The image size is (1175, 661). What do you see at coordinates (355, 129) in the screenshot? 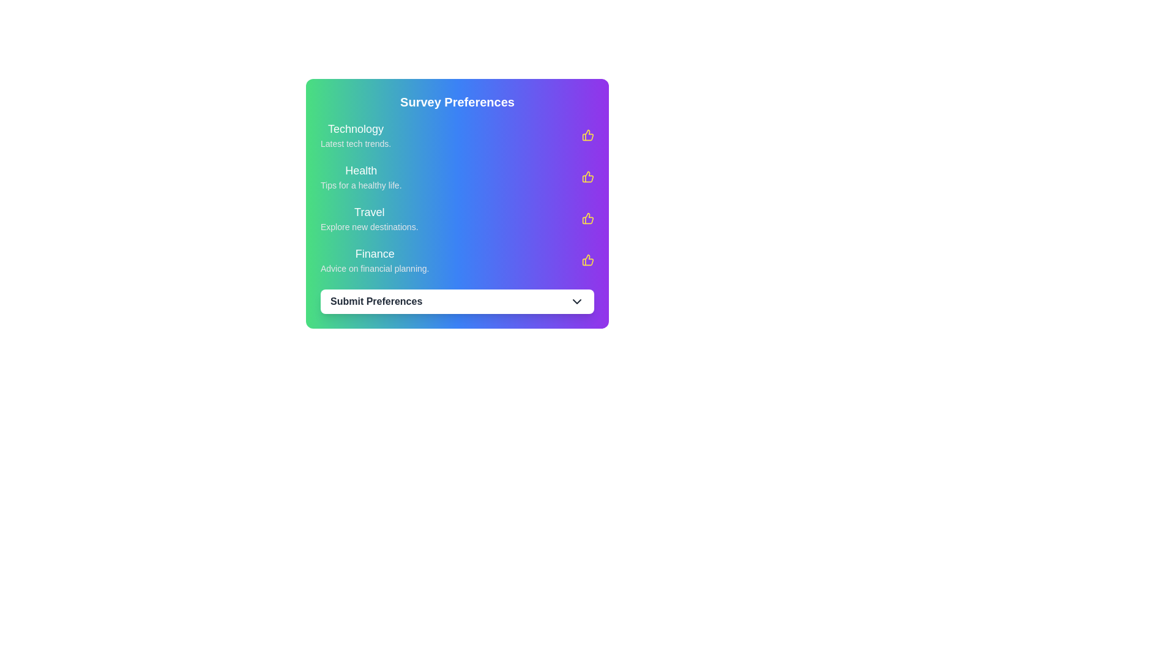
I see `the 'Technology' text label, which is displayed in a medium-sized bold font with a white color on a gradient background, located near the upper left corner of the interface` at bounding box center [355, 129].